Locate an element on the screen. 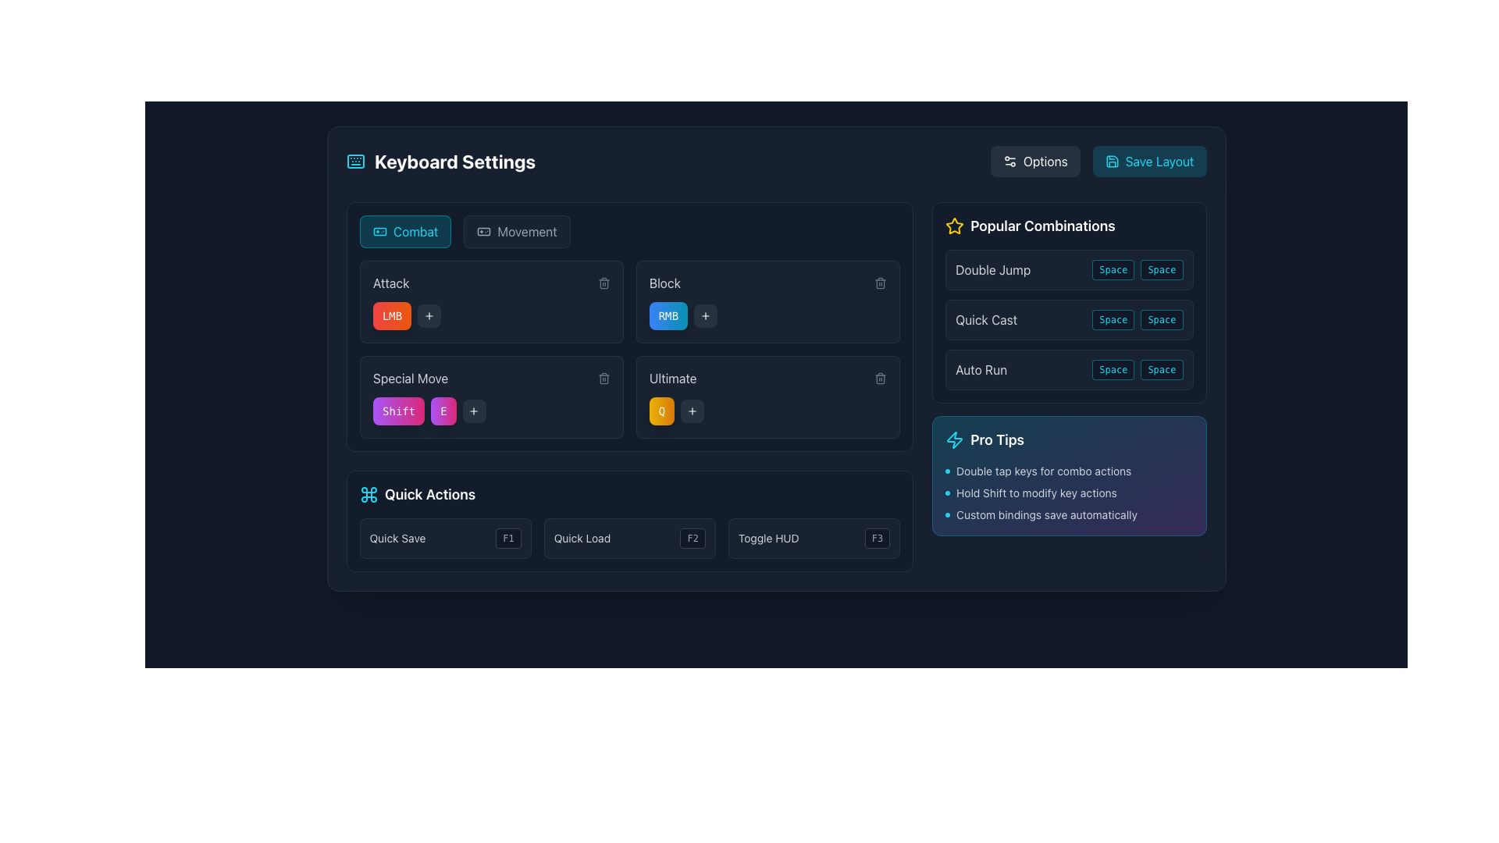 The image size is (1499, 843). the Icon representing the 'Quick Actions' section located at the bottom-left of the interface, near 'Quick Save', 'Quick Load', and 'Toggle HUD' is located at coordinates (368, 494).